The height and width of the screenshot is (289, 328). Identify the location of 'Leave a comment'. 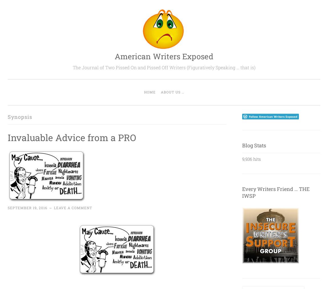
(72, 207).